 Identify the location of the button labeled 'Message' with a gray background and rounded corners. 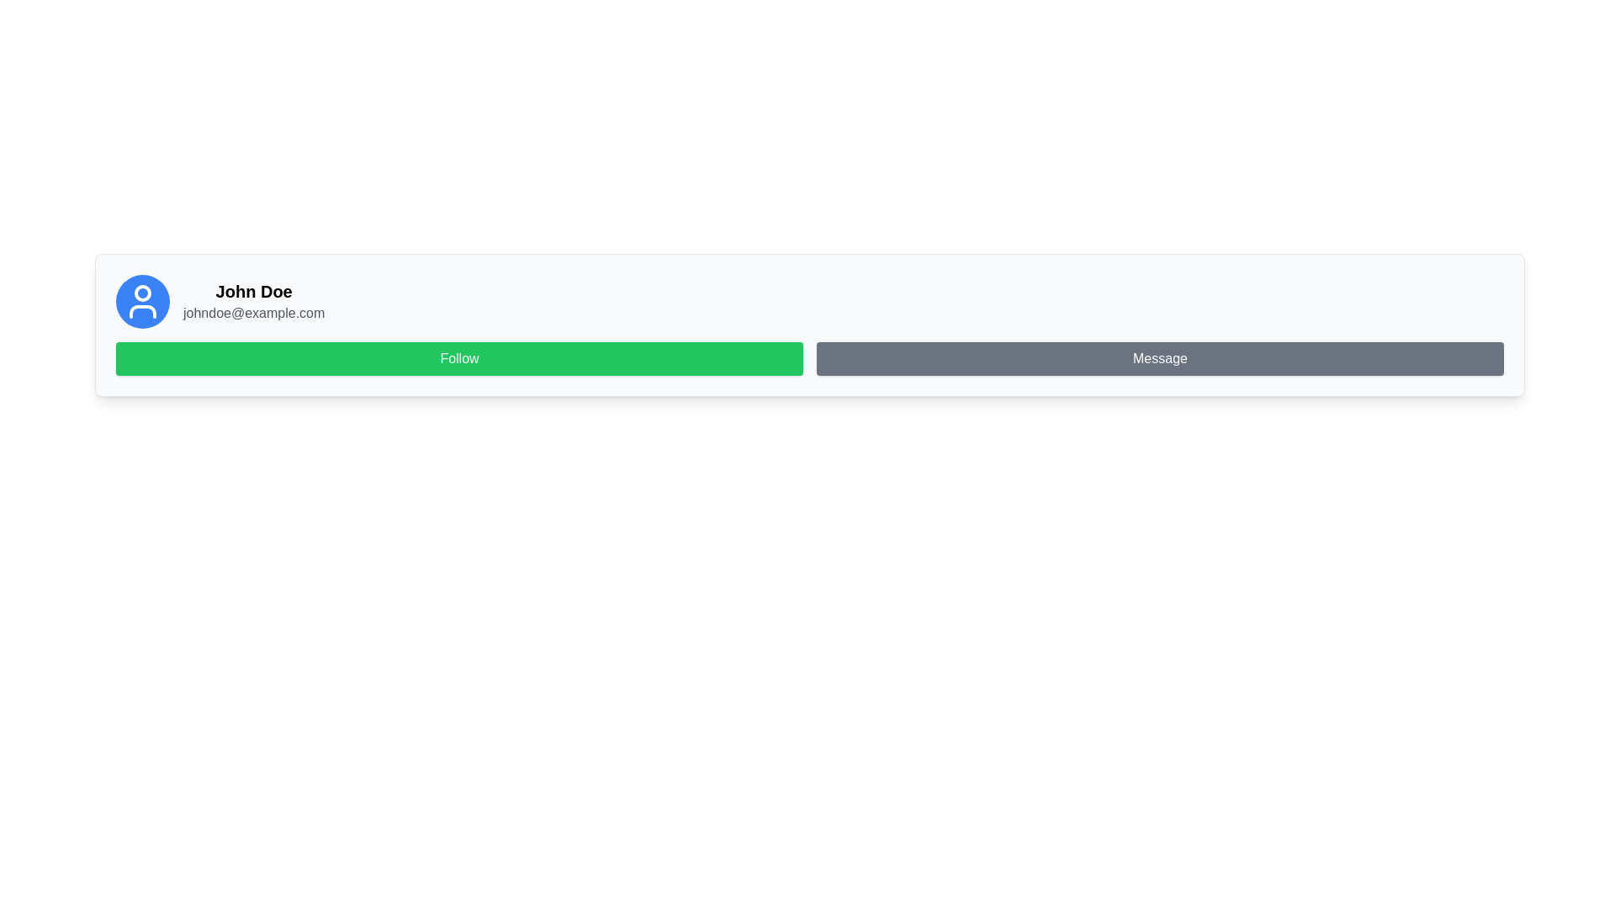
(1159, 358).